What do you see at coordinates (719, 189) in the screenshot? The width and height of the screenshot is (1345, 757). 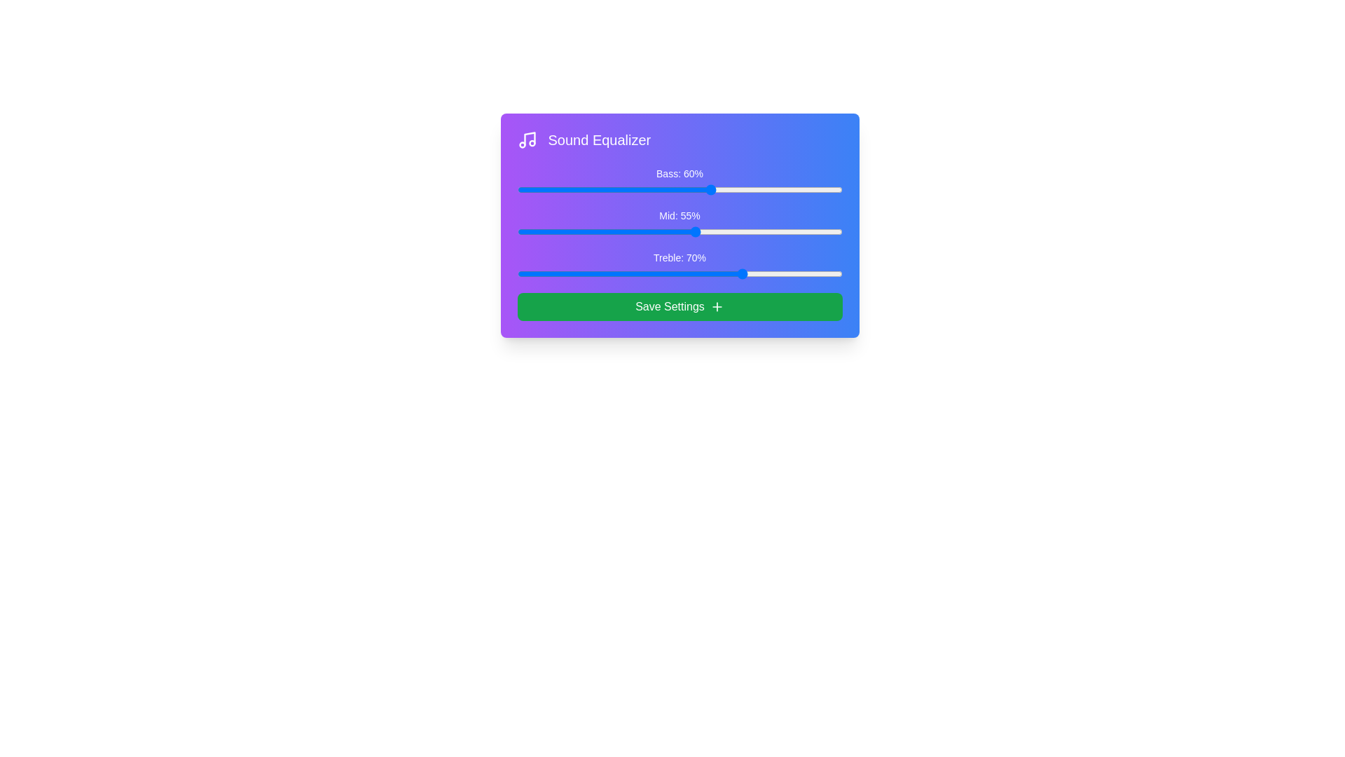 I see `the Bass slider to 62%` at bounding box center [719, 189].